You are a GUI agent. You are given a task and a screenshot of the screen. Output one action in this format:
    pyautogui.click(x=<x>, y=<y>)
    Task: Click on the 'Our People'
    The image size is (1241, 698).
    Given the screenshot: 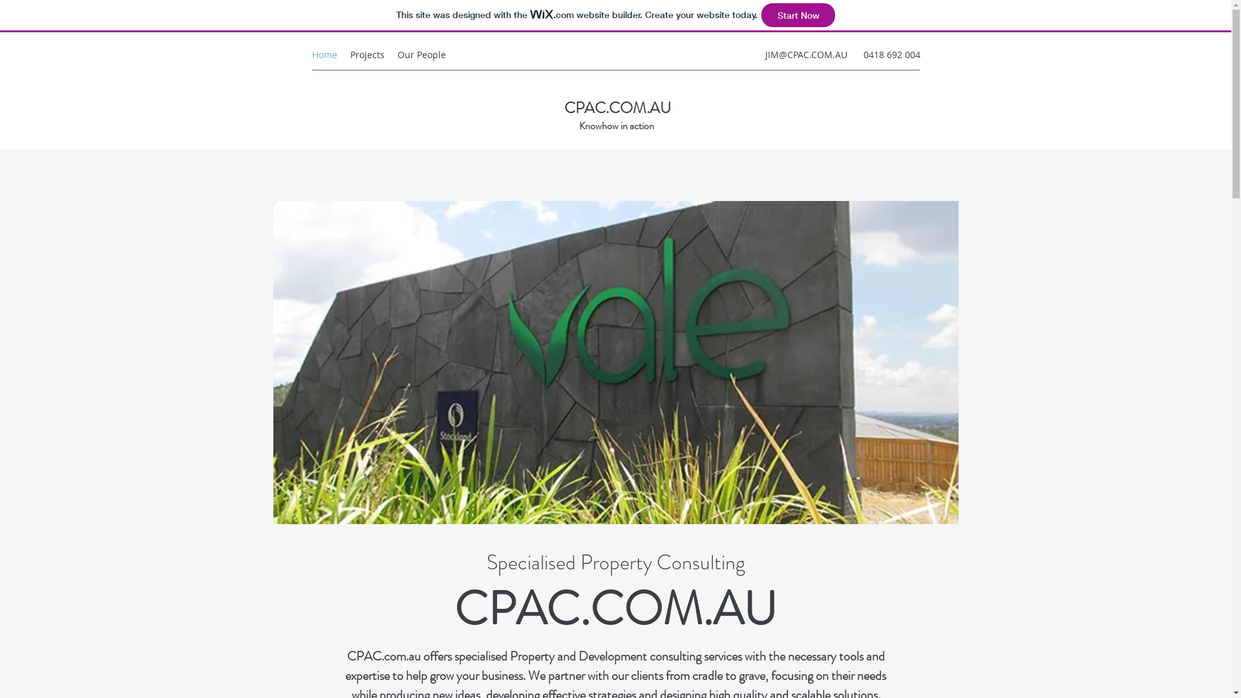 What is the action you would take?
    pyautogui.click(x=390, y=54)
    